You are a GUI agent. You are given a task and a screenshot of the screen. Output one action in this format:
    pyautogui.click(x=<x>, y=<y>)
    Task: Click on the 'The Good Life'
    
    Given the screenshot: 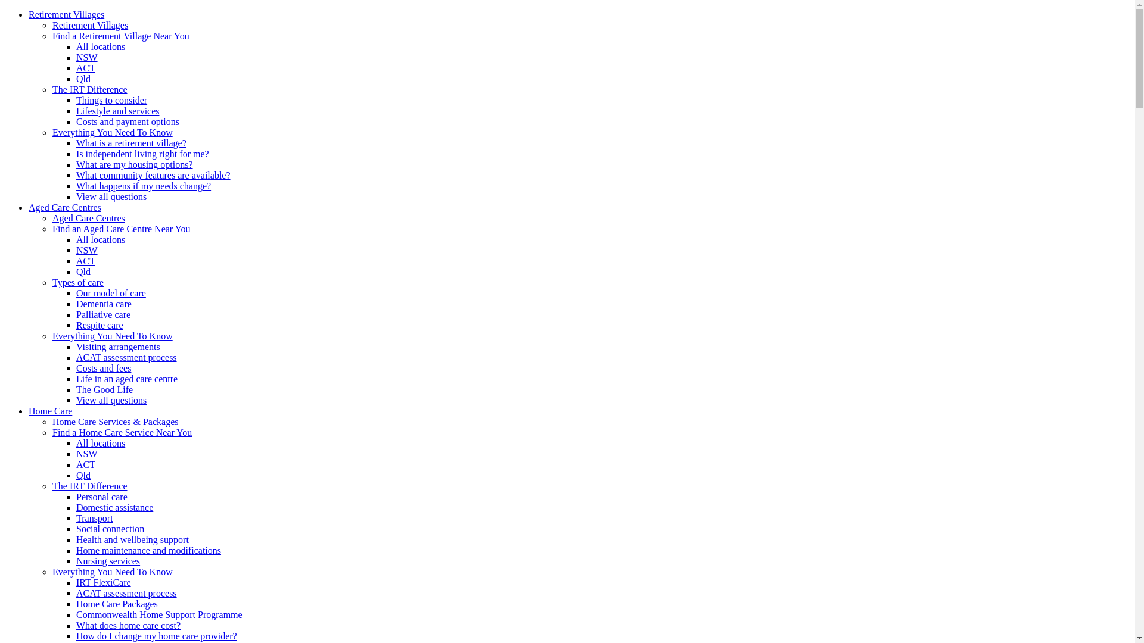 What is the action you would take?
    pyautogui.click(x=104, y=389)
    